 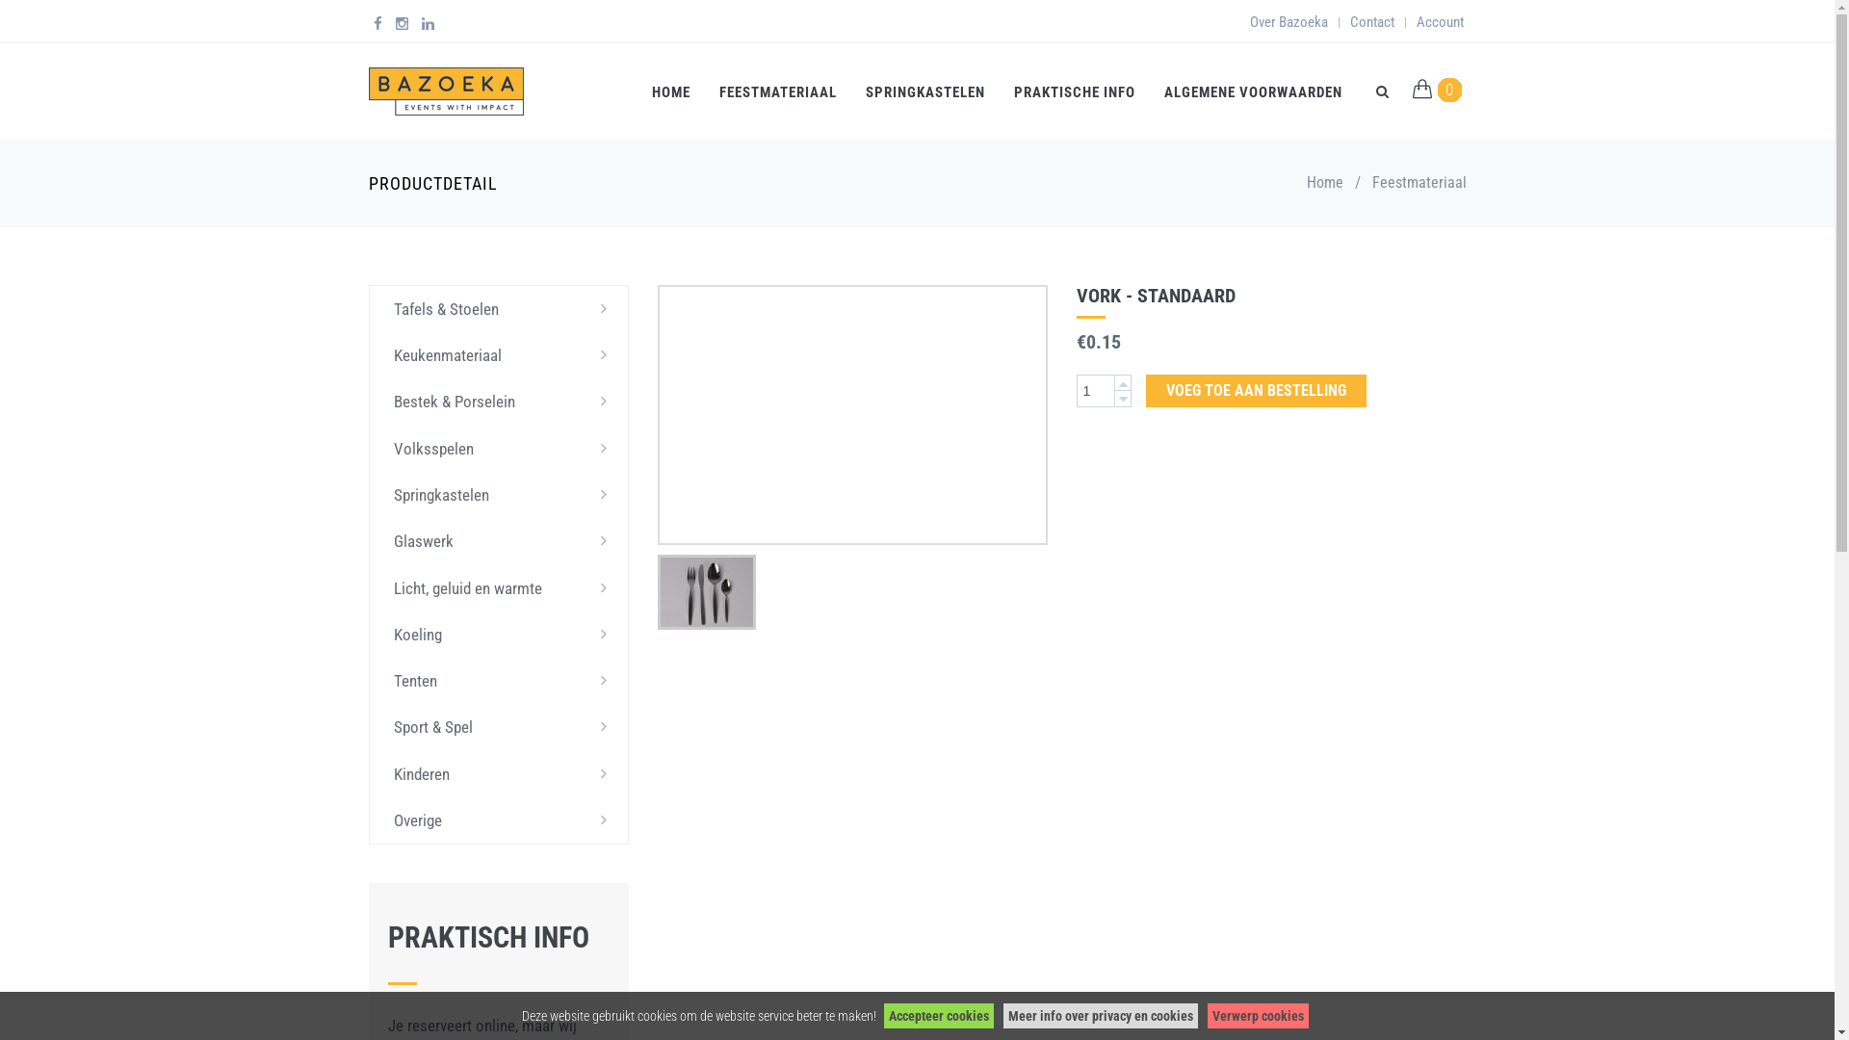 What do you see at coordinates (499, 493) in the screenshot?
I see `'Springkastelen'` at bounding box center [499, 493].